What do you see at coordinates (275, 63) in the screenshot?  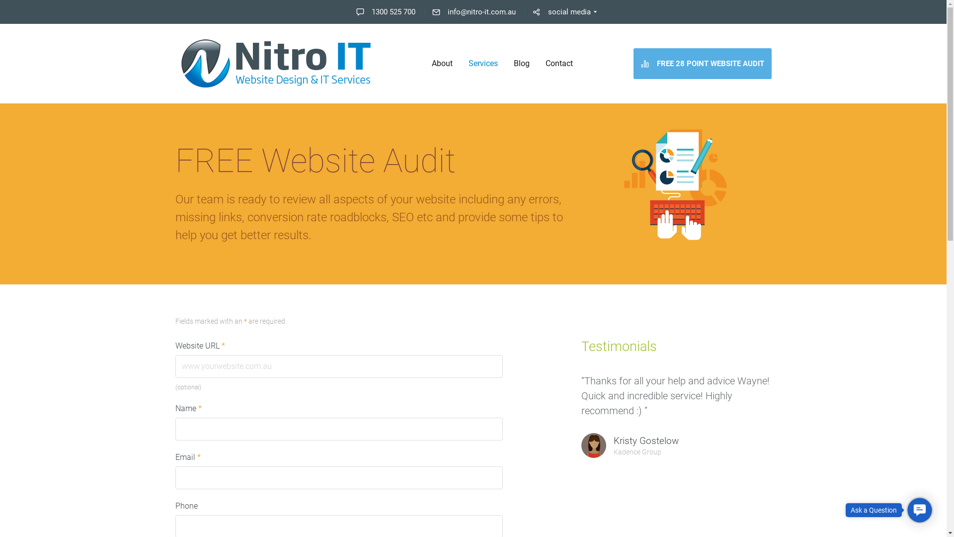 I see `'Nitro IT'` at bounding box center [275, 63].